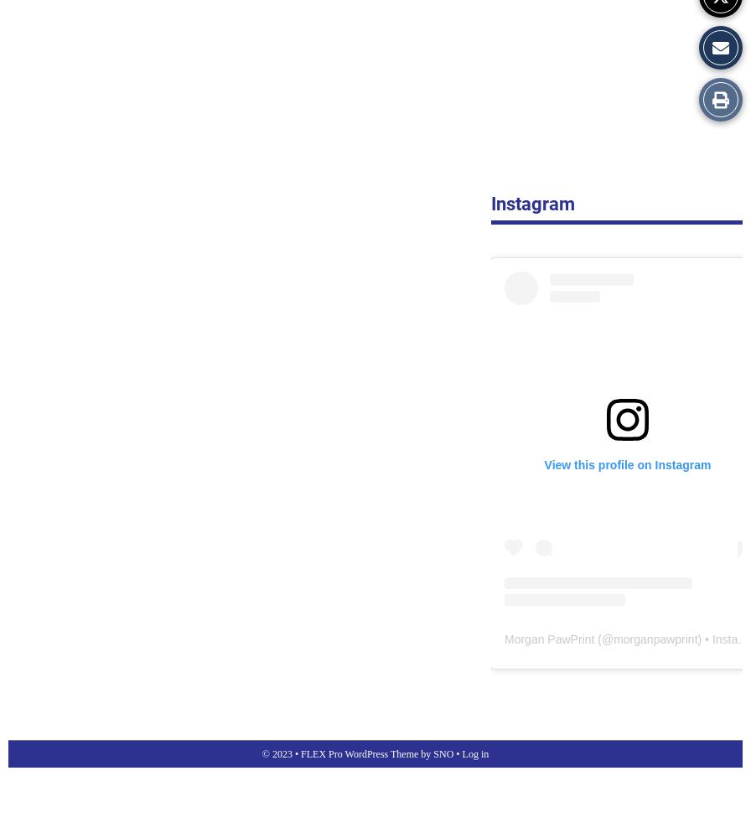  I want to click on 'SNO', so click(443, 753).